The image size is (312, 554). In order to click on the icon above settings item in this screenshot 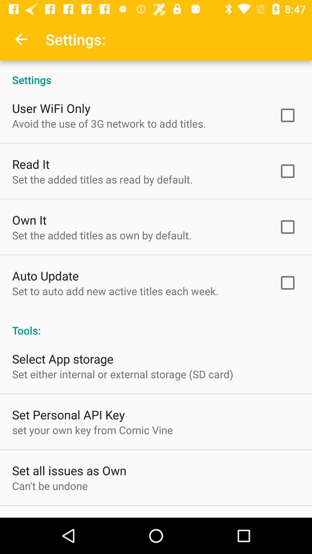, I will do `click(21, 39)`.